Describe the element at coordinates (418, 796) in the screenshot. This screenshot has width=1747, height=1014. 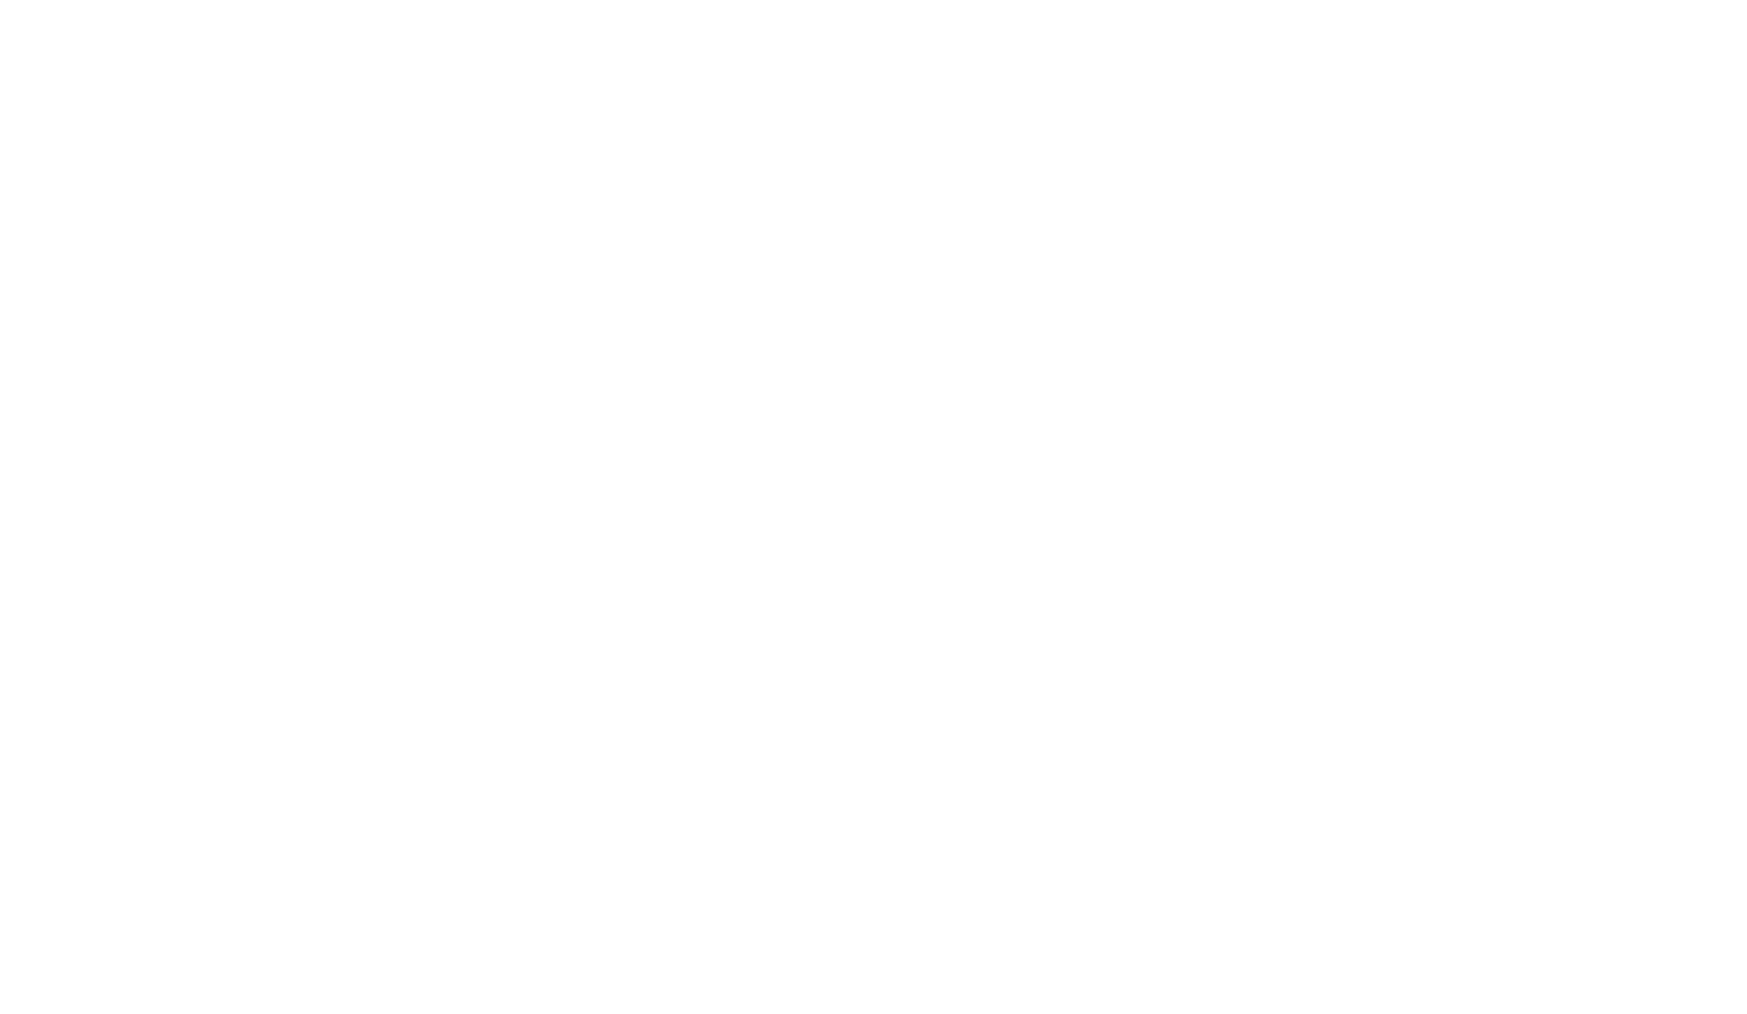
I see `'Spotted par Troms'` at that location.